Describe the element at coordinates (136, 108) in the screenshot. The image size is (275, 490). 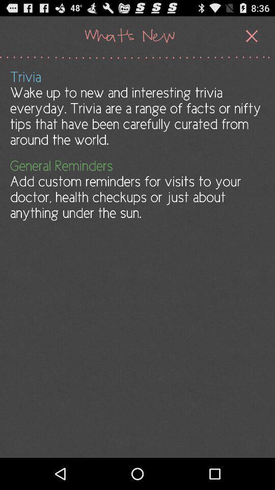
I see `trivia wake up app` at that location.